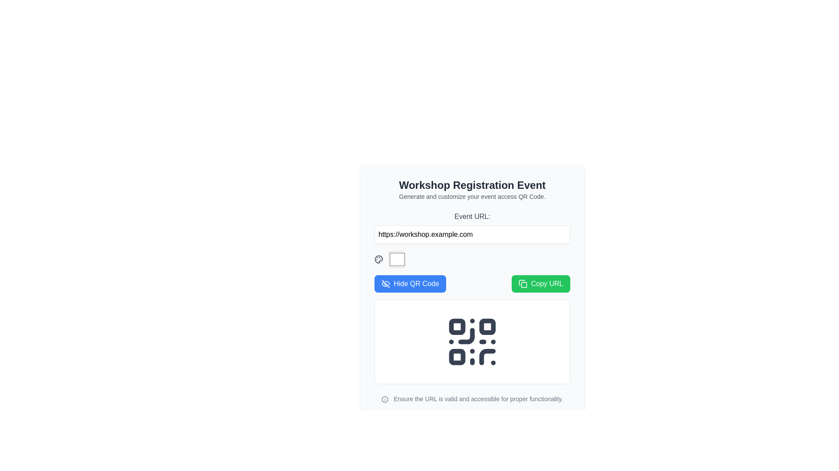 This screenshot has height=471, width=839. Describe the element at coordinates (472, 197) in the screenshot. I see `the static text label providing guidance for generating and customizing QR codes for event access, located below the title 'Workshop Registration Event'` at that location.